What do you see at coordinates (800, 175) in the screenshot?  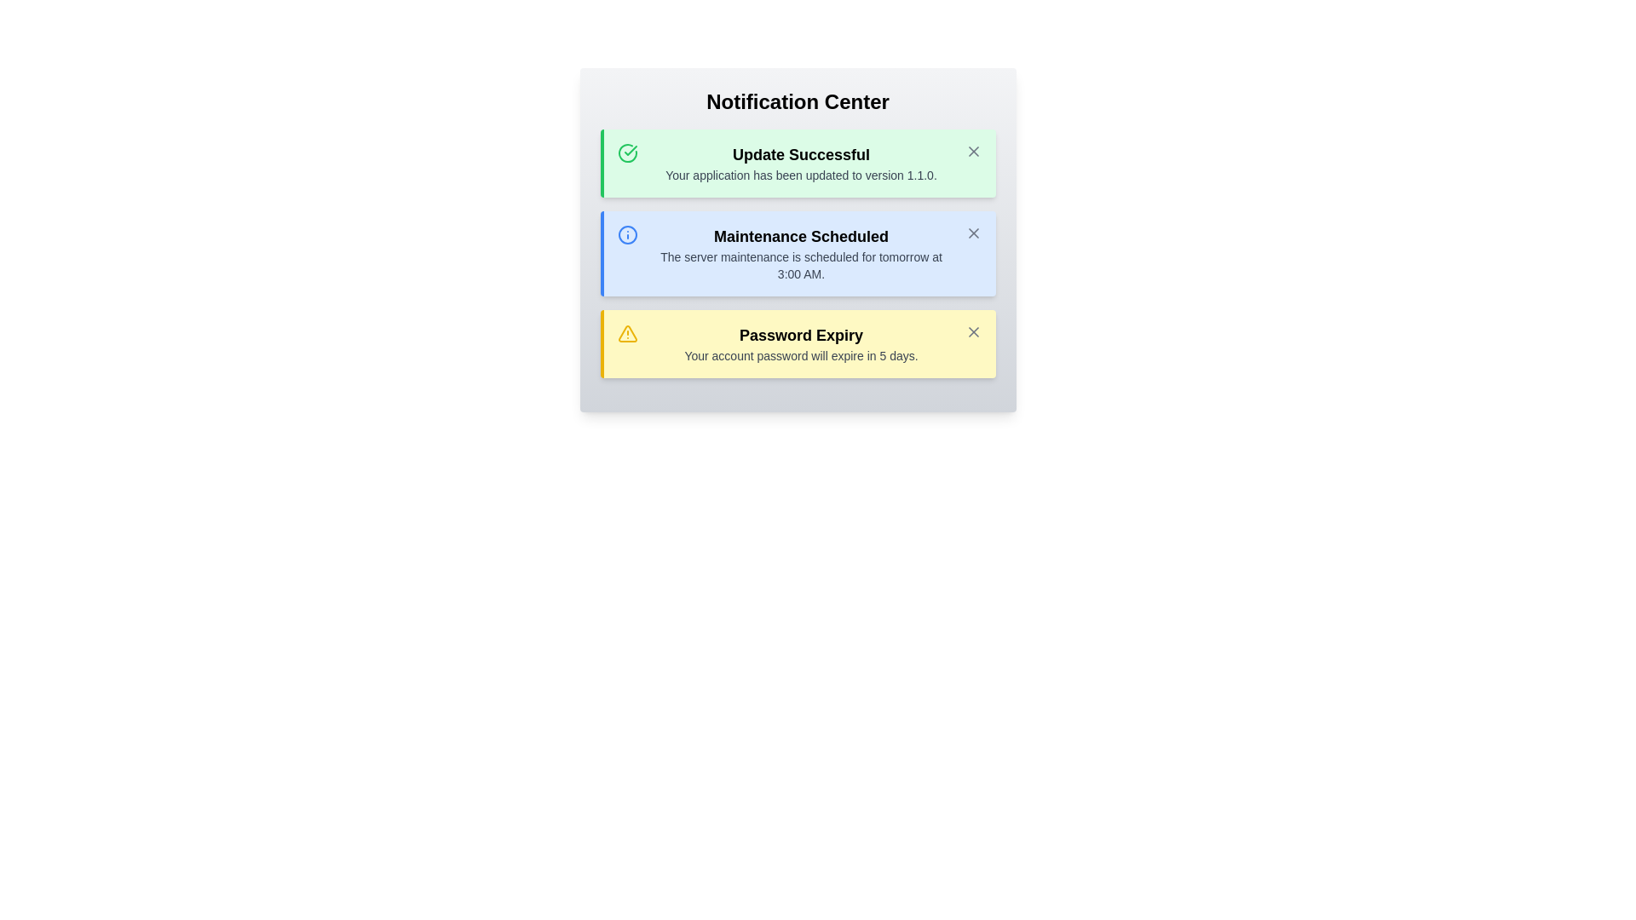 I see `static text displaying 'Your application has been updated to version 1.1.0.' located in the topmost notification card of the Notification Center, beneath the heading 'Update Successful.'` at bounding box center [800, 175].